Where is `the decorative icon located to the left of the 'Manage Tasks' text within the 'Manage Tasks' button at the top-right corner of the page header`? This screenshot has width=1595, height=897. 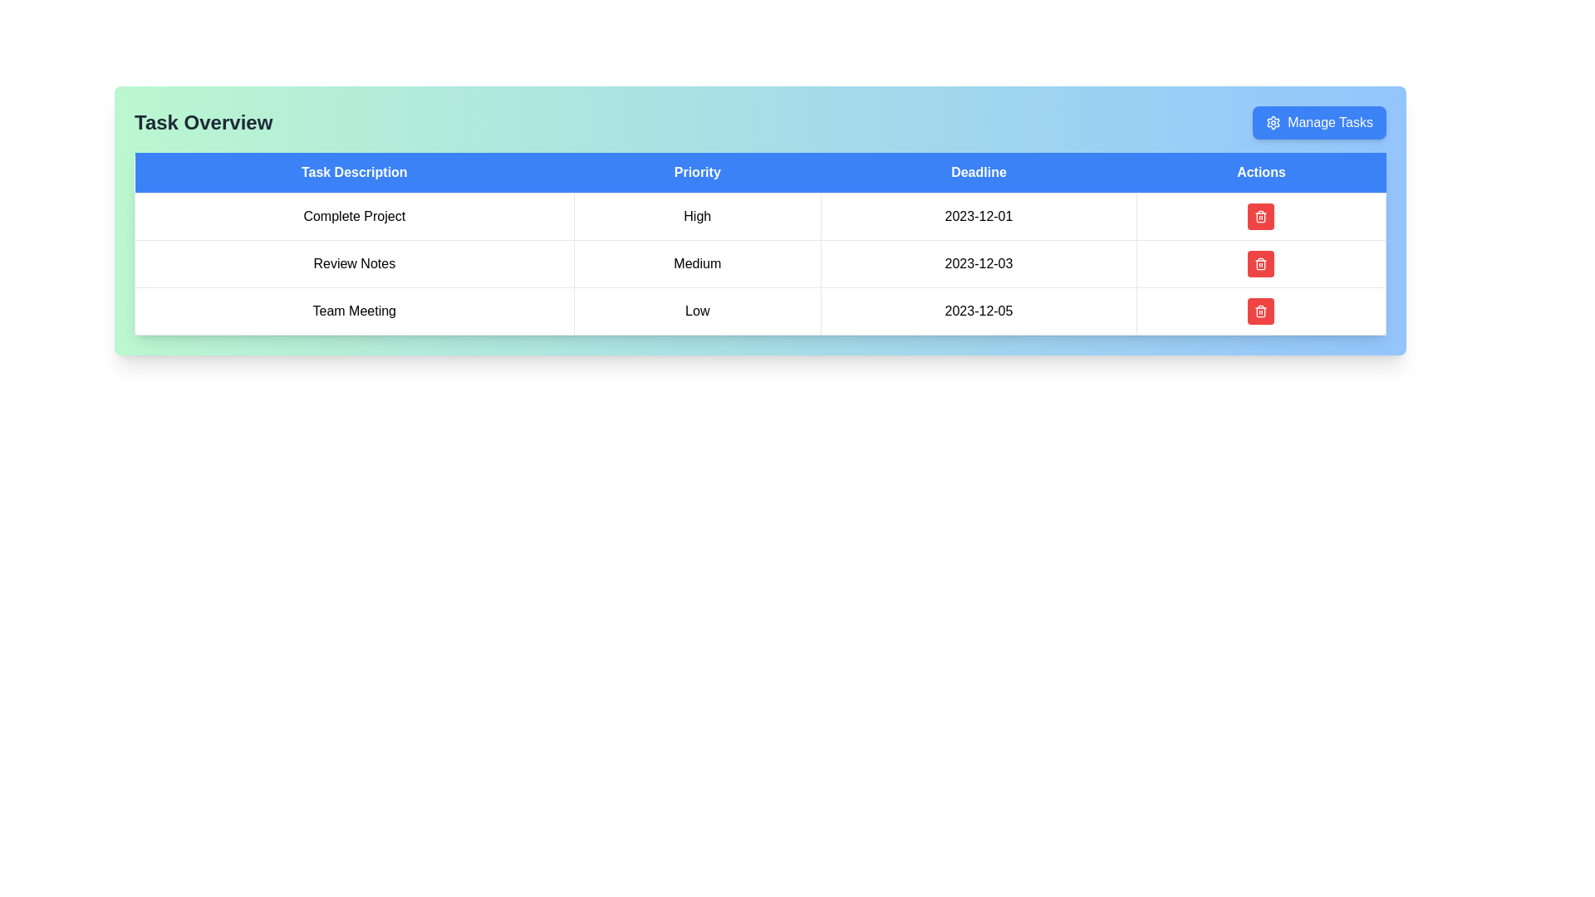 the decorative icon located to the left of the 'Manage Tasks' text within the 'Manage Tasks' button at the top-right corner of the page header is located at coordinates (1273, 121).